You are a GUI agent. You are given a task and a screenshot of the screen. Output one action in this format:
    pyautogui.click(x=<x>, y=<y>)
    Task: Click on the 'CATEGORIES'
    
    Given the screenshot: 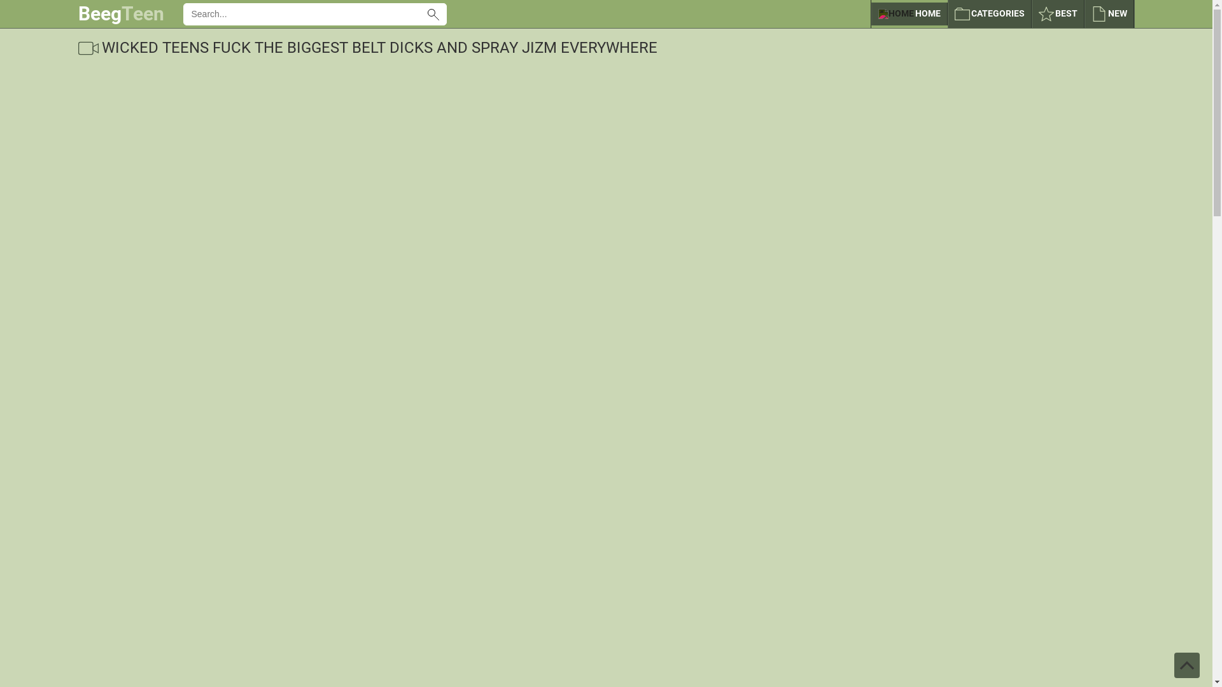 What is the action you would take?
    pyautogui.click(x=947, y=14)
    